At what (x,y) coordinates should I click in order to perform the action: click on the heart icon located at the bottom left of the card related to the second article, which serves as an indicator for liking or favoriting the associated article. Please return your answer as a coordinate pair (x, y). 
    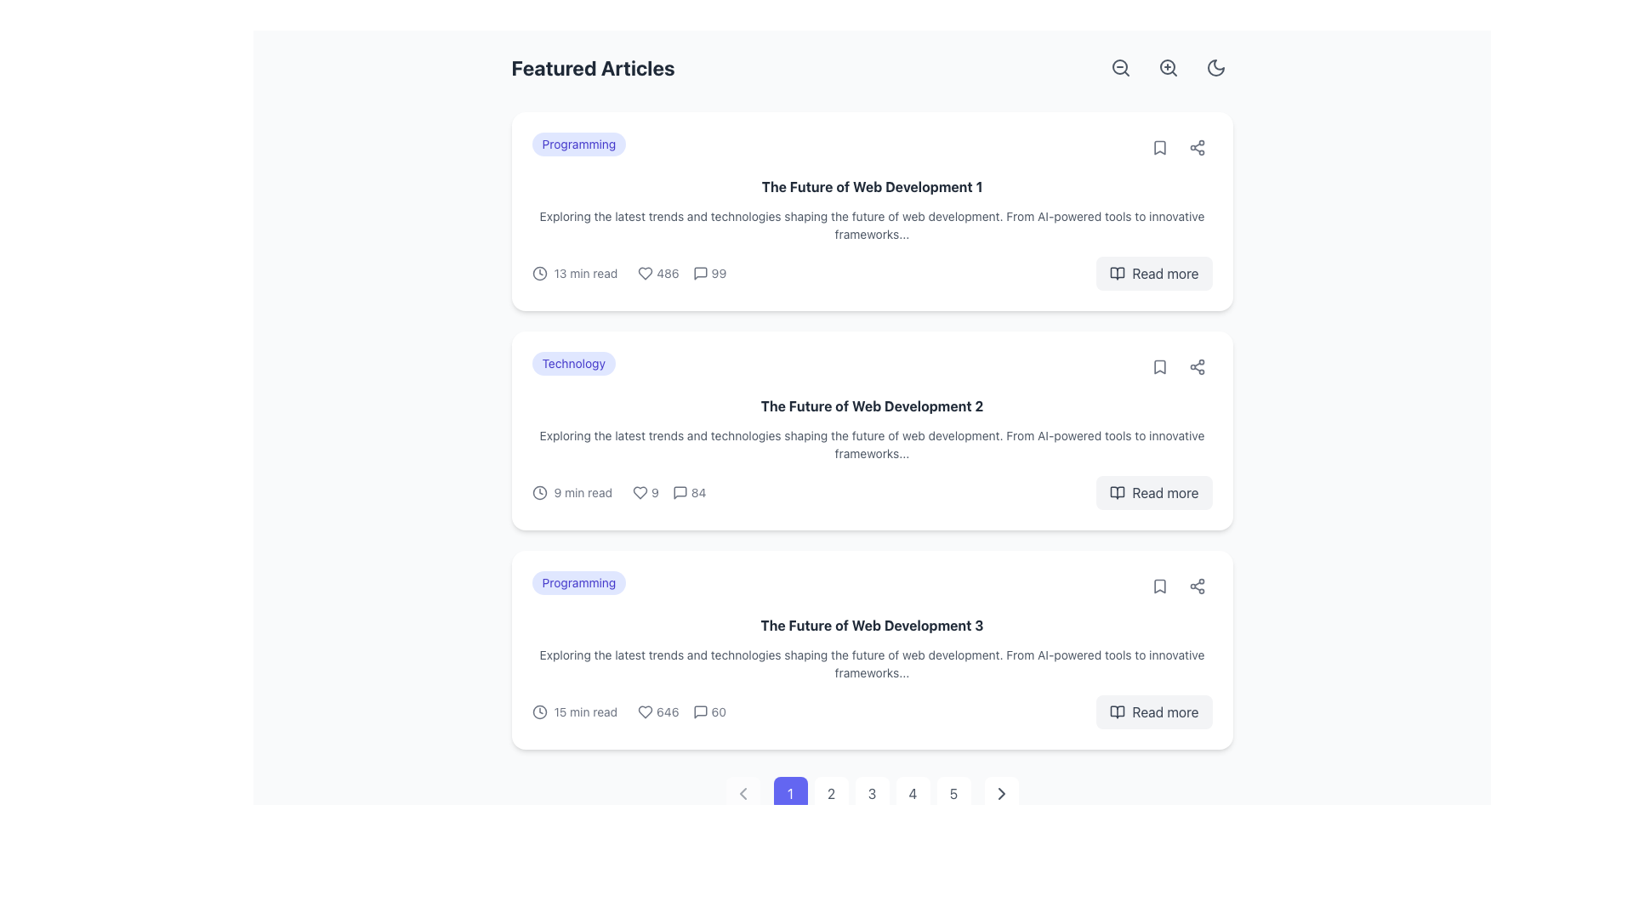
    Looking at the image, I should click on (640, 492).